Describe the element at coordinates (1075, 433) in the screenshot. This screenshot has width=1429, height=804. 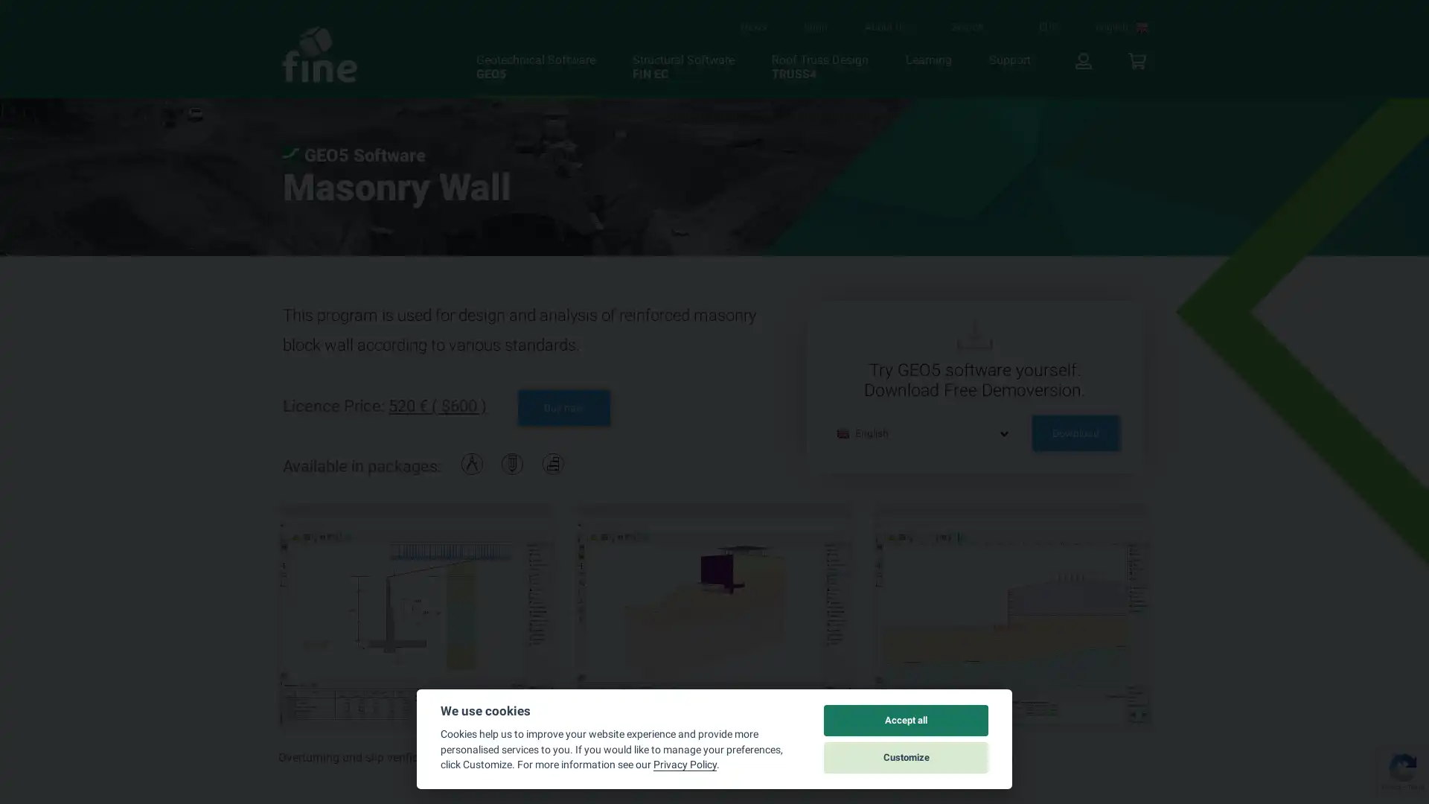
I see `Download` at that location.